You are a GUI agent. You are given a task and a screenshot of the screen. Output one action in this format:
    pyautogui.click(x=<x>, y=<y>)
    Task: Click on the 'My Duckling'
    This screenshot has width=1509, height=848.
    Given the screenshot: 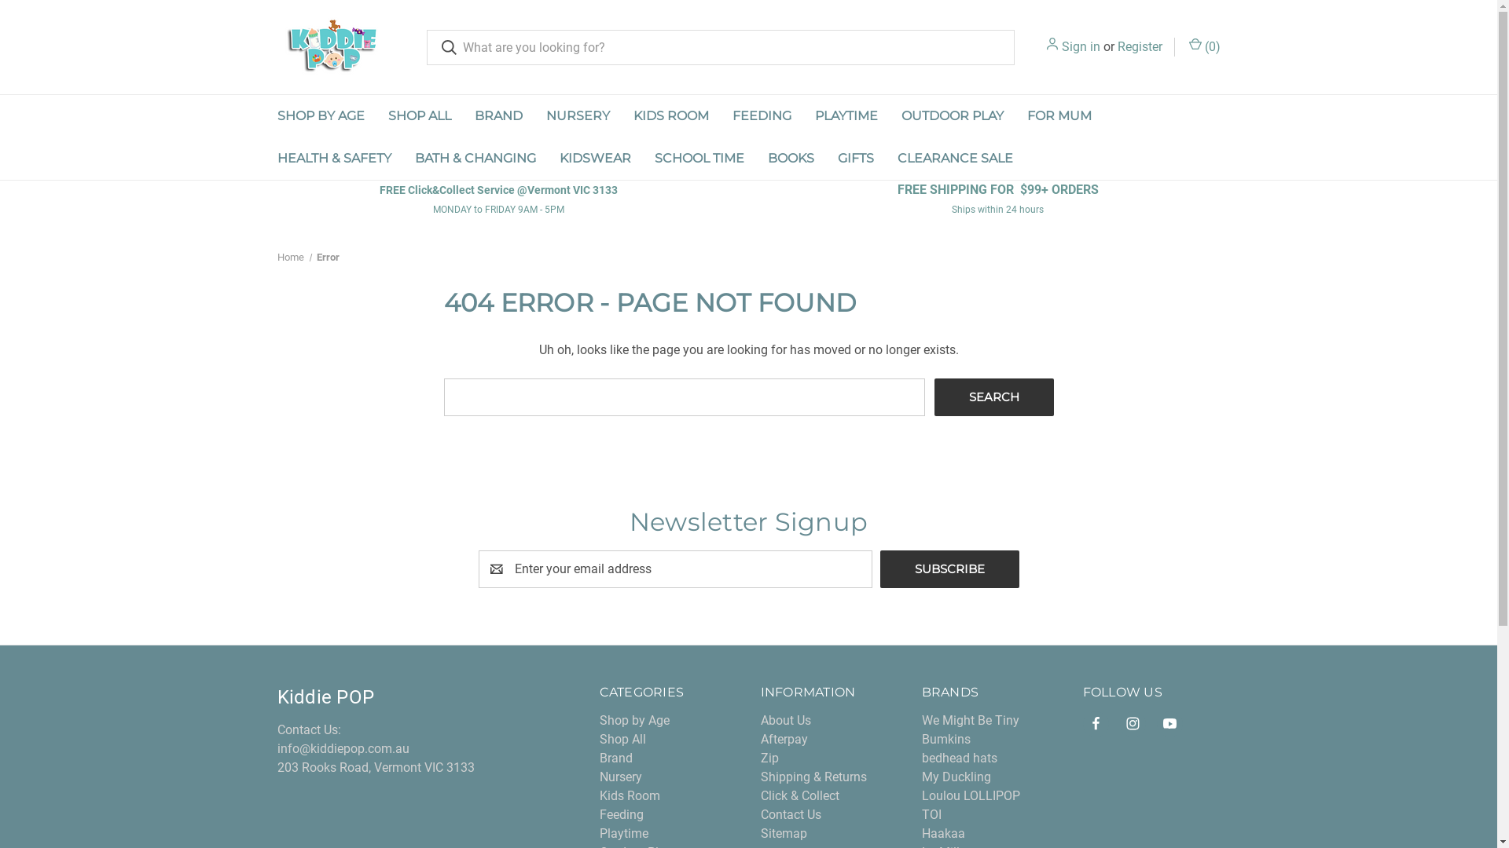 What is the action you would take?
    pyautogui.click(x=956, y=776)
    